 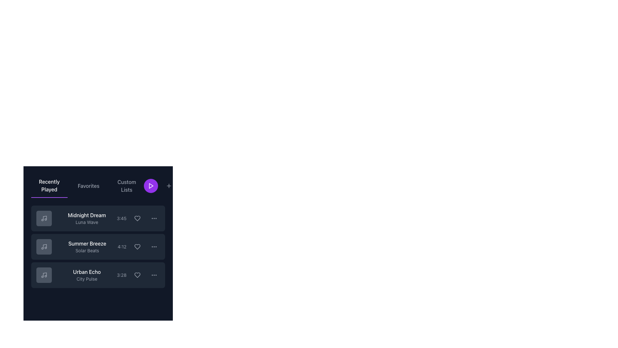 I want to click on the third item in the vertically stacked list of entries, which serves as a label or title for a playlist item, so click(x=87, y=275).